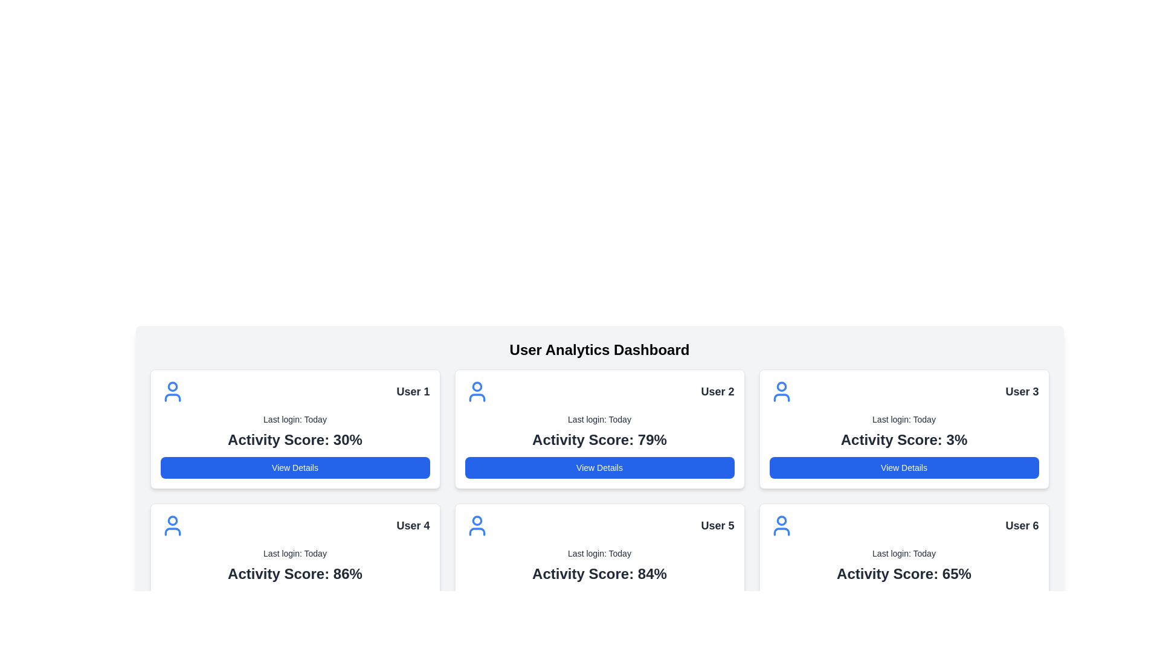 This screenshot has width=1160, height=652. What do you see at coordinates (904, 467) in the screenshot?
I see `the blue button labeled 'View Details' located at the bottom of the card for 'User 3', beneath the text 'Activity Score: 3%', to change its background color` at bounding box center [904, 467].